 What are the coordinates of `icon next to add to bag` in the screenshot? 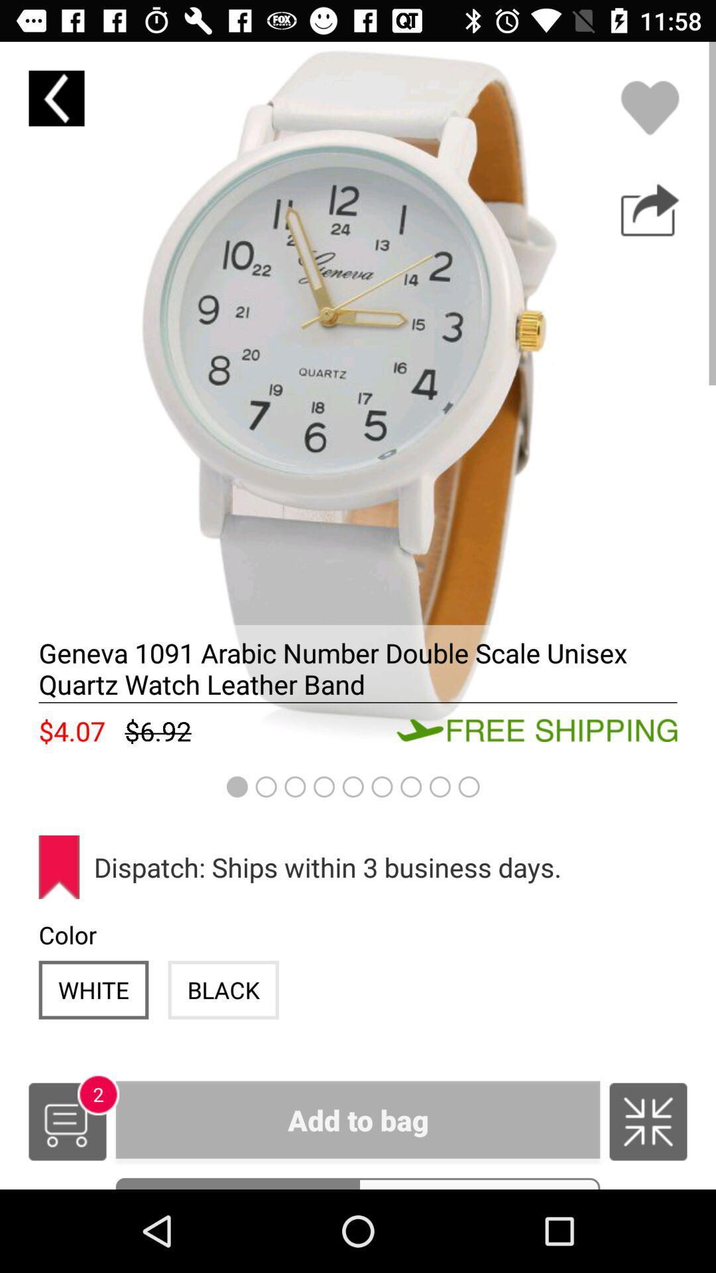 It's located at (67, 1121).